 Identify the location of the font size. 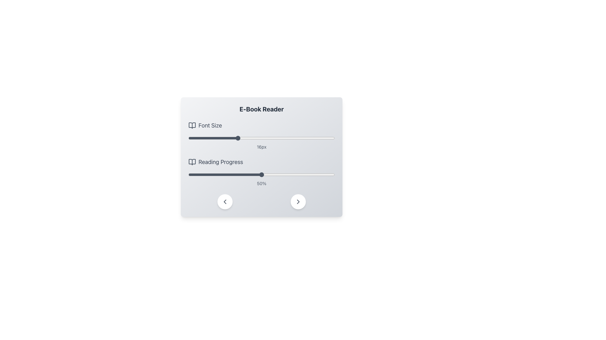
(286, 138).